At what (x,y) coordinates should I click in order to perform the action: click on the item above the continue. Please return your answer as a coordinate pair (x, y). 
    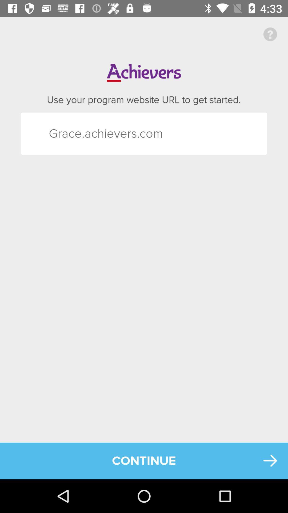
    Looking at the image, I should click on (58, 134).